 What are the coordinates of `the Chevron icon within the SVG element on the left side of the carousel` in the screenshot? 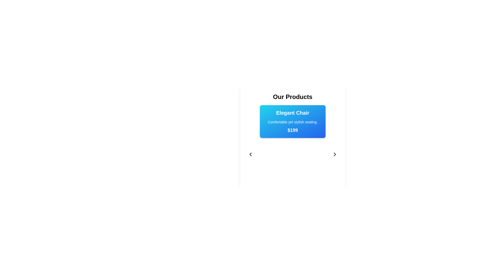 It's located at (250, 154).